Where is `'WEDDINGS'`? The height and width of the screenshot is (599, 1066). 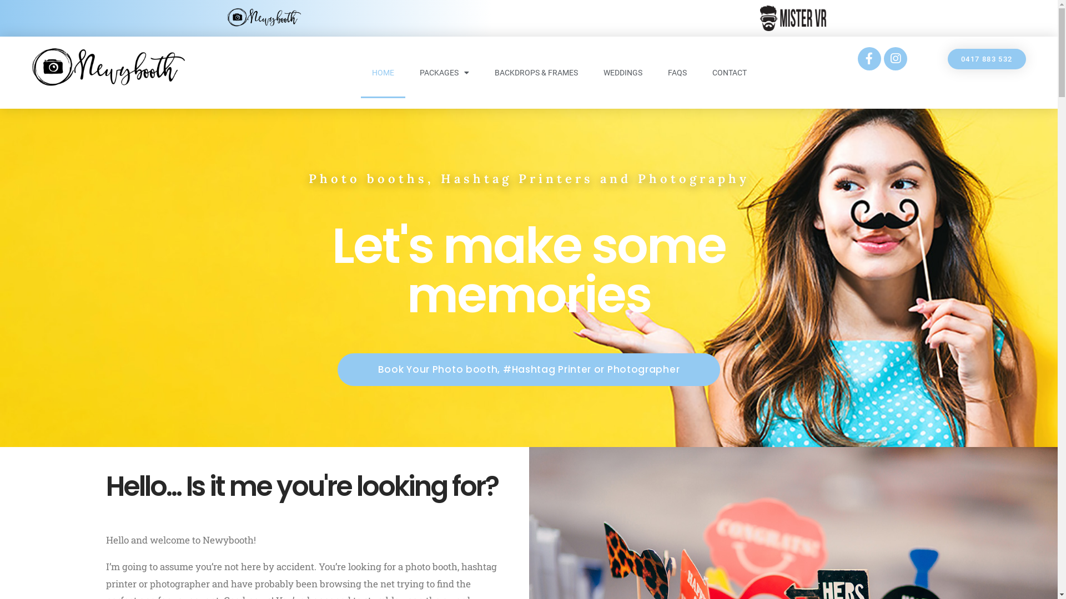 'WEDDINGS' is located at coordinates (623, 73).